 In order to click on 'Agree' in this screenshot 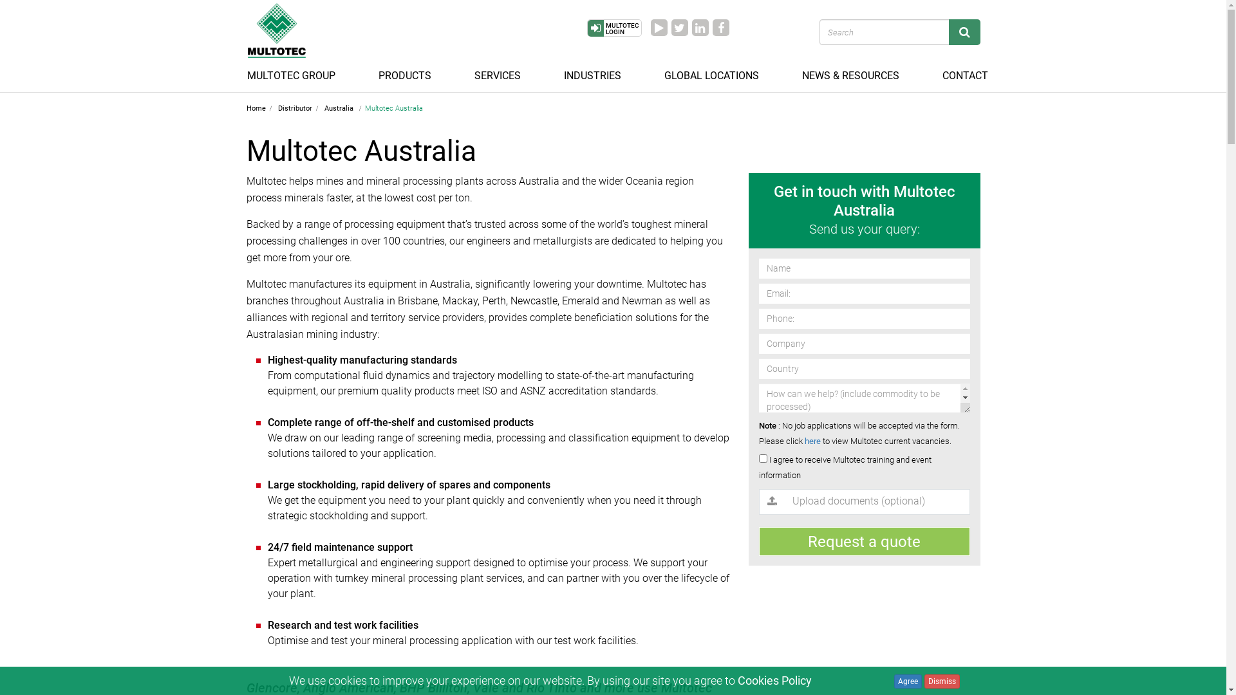, I will do `click(907, 681)`.